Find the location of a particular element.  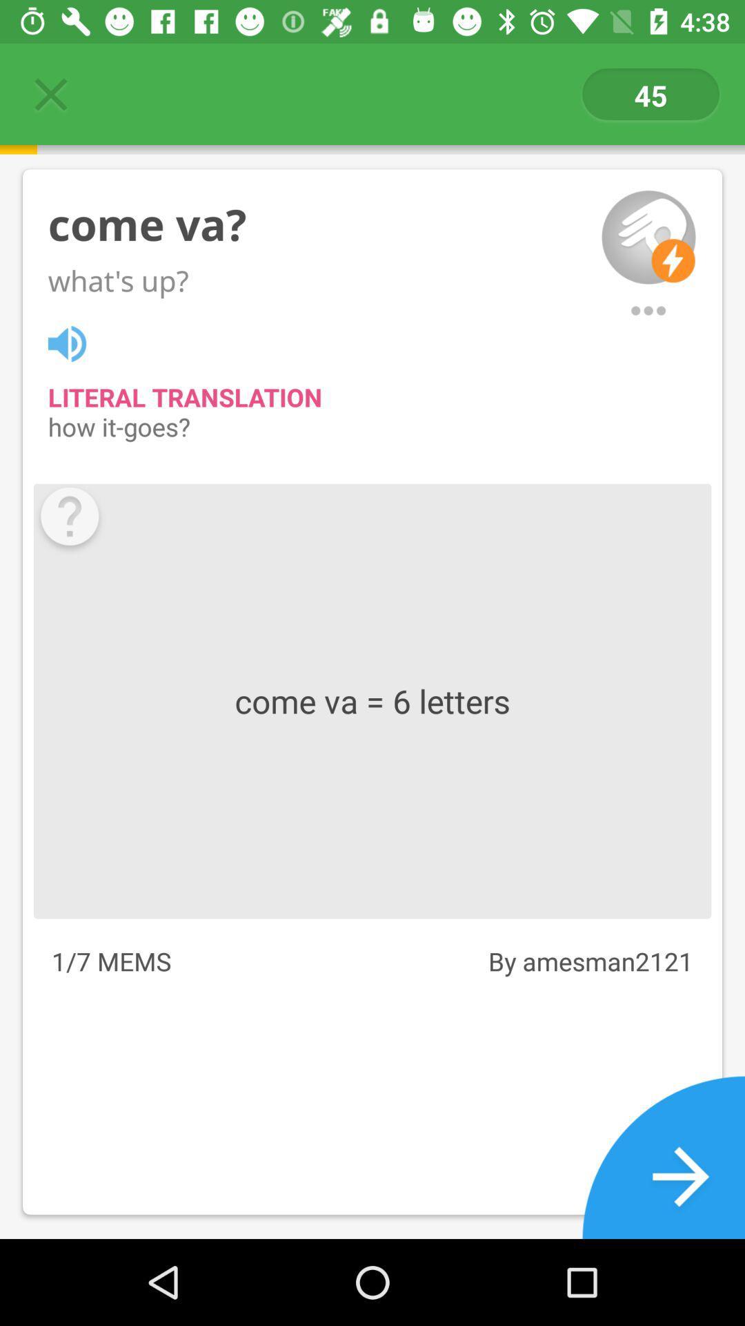

open help is located at coordinates (70, 519).